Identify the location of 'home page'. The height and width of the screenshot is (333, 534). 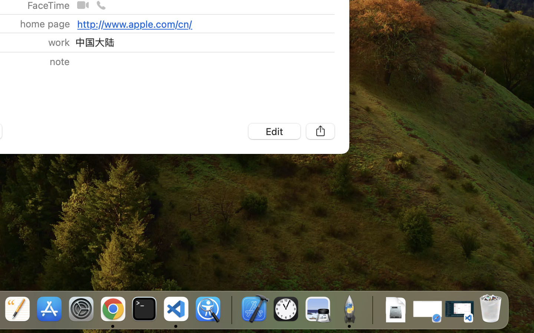
(44, 23).